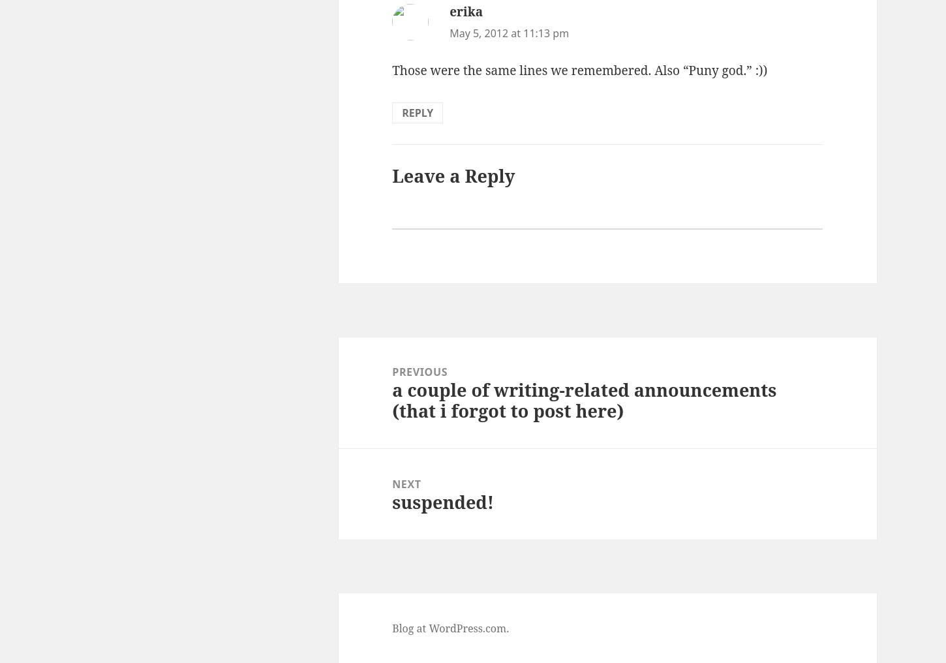 Image resolution: width=946 pixels, height=663 pixels. What do you see at coordinates (509, 33) in the screenshot?
I see `'May 5, 2012 at 11:13 pm'` at bounding box center [509, 33].